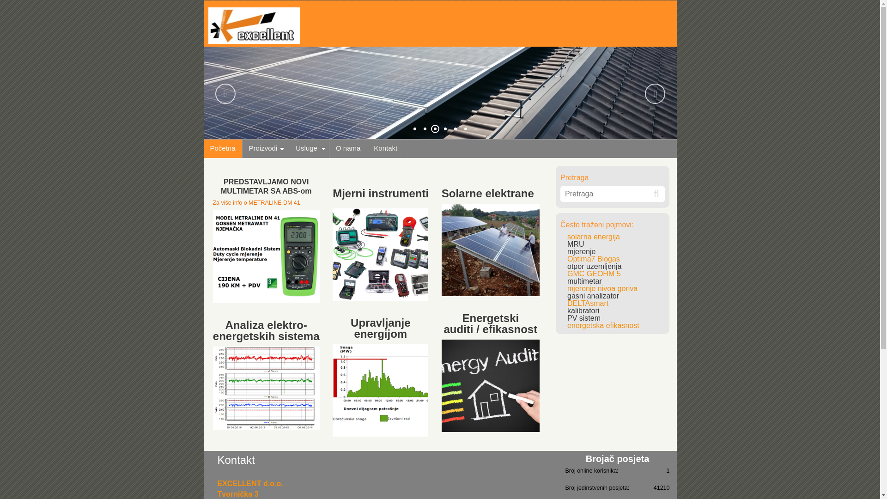  What do you see at coordinates (347, 147) in the screenshot?
I see `'O nama'` at bounding box center [347, 147].